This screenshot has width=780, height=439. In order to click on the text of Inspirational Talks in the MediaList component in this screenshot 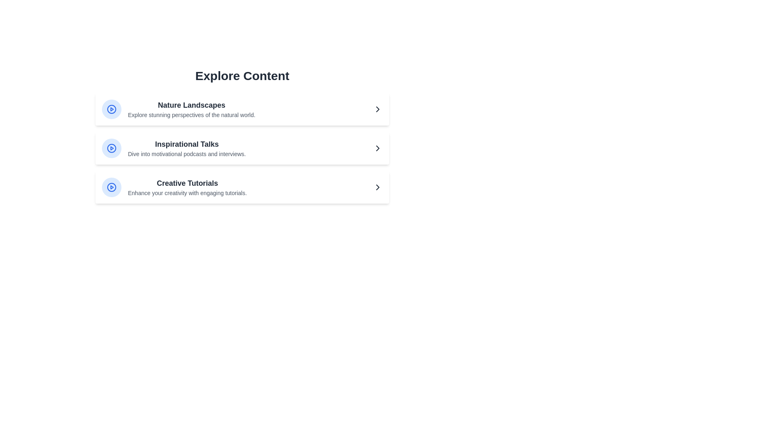, I will do `click(186, 143)`.